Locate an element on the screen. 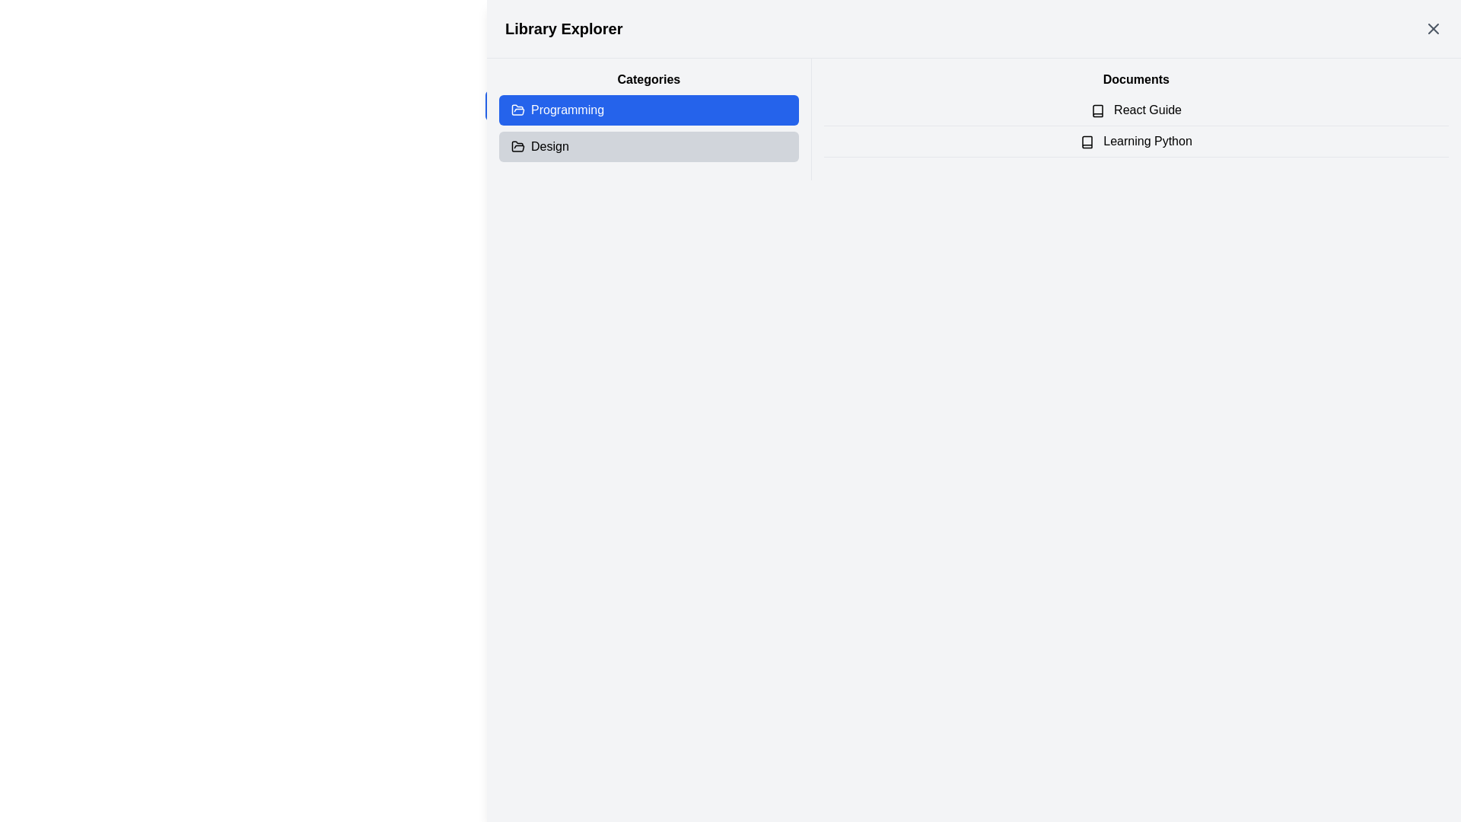 The height and width of the screenshot is (822, 1461). the close button represented as an 'X' icon in the upper-right corner of the interface to change its color to red is located at coordinates (1432, 29).